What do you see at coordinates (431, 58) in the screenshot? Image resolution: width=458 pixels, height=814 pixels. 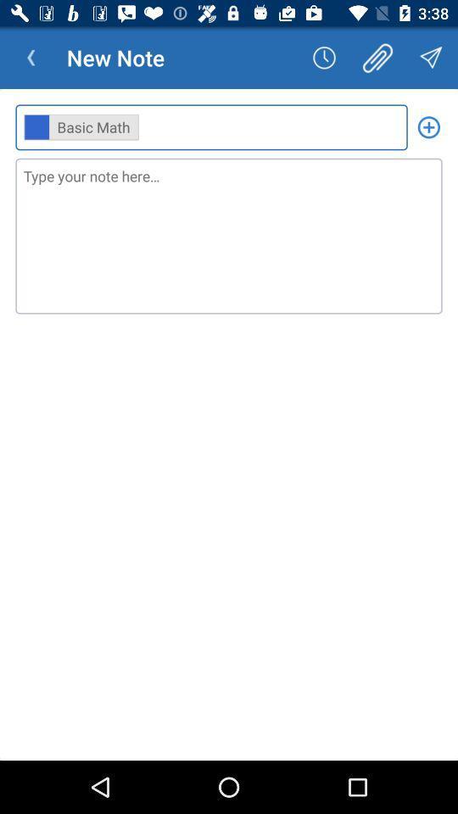 I see `the icon above the ,,  item` at bounding box center [431, 58].